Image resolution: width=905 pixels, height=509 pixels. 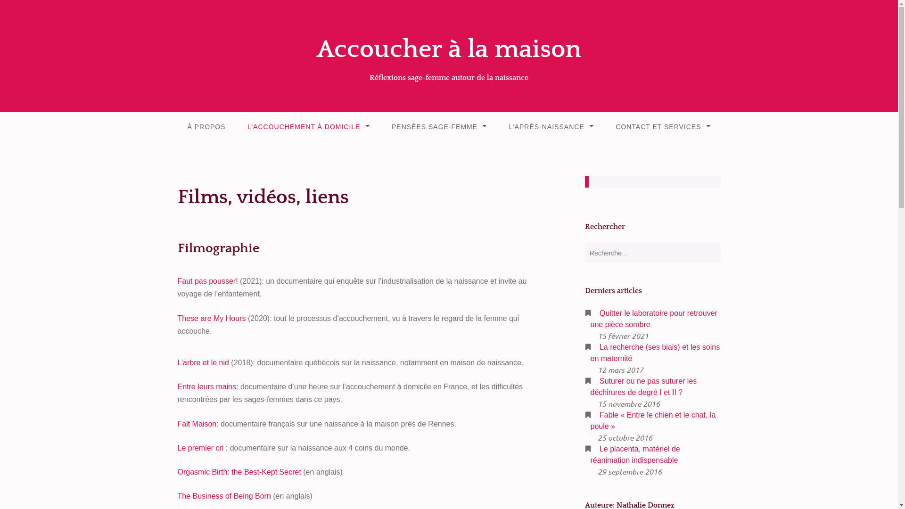 I want to click on 'These are My Hours', so click(x=211, y=318).